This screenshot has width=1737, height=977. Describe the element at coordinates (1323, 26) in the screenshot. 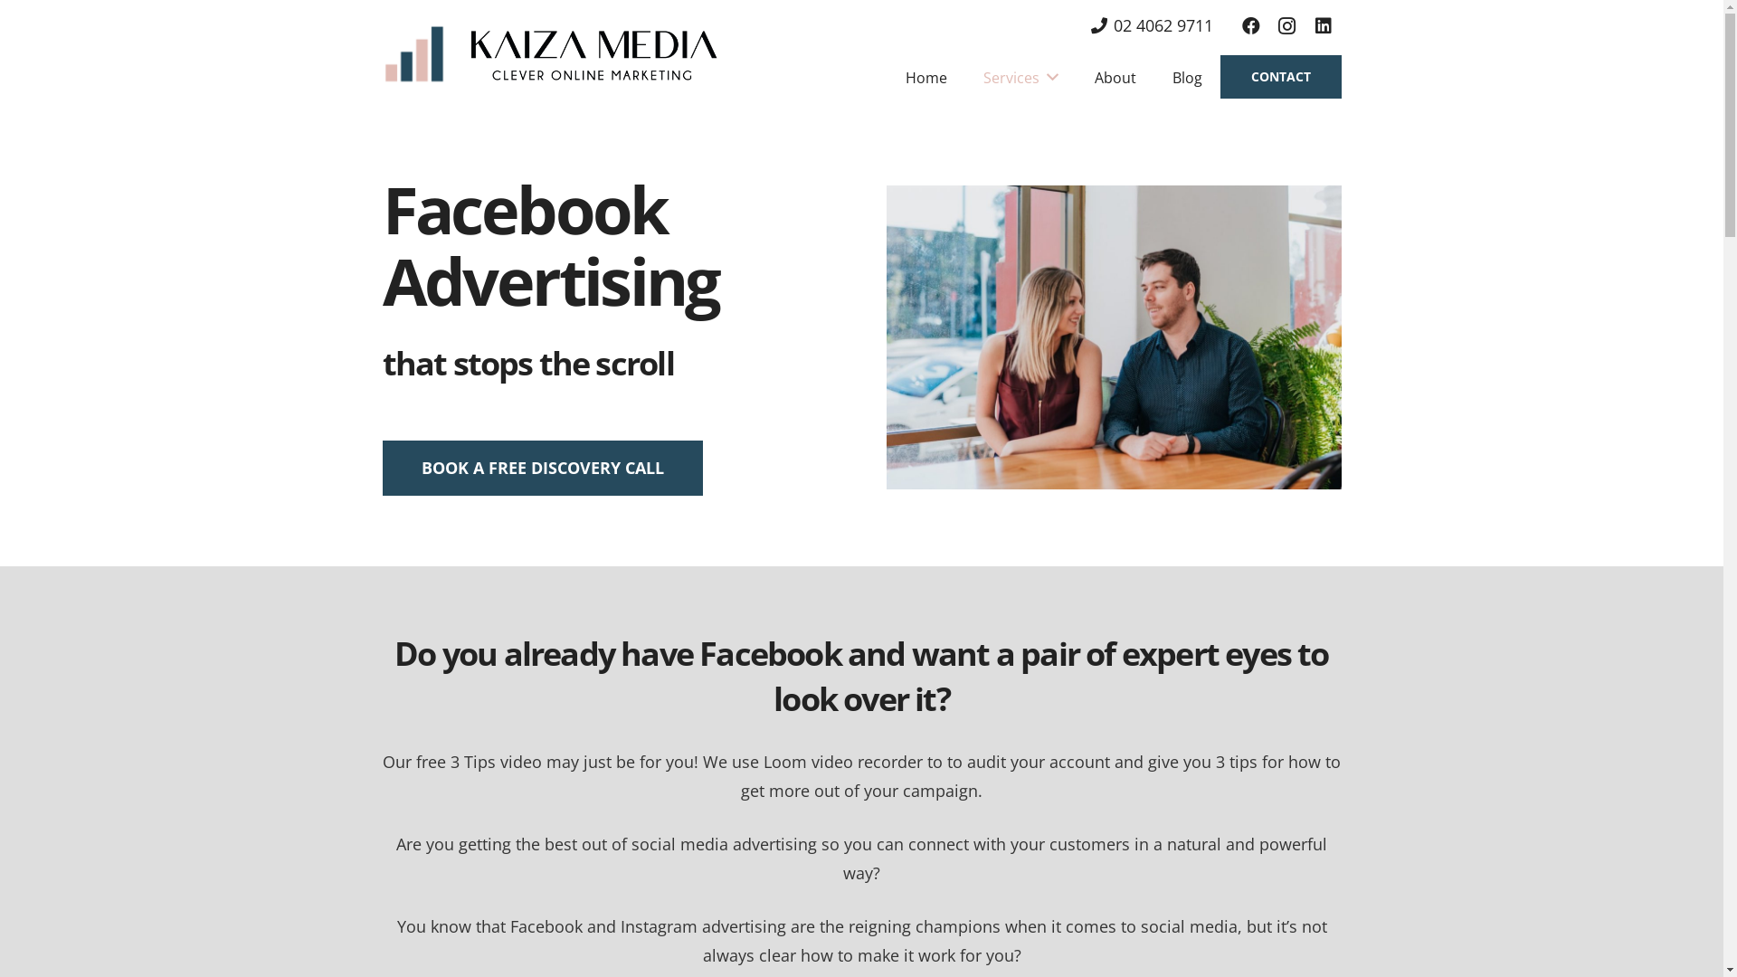

I see `'LinkedIn'` at that location.